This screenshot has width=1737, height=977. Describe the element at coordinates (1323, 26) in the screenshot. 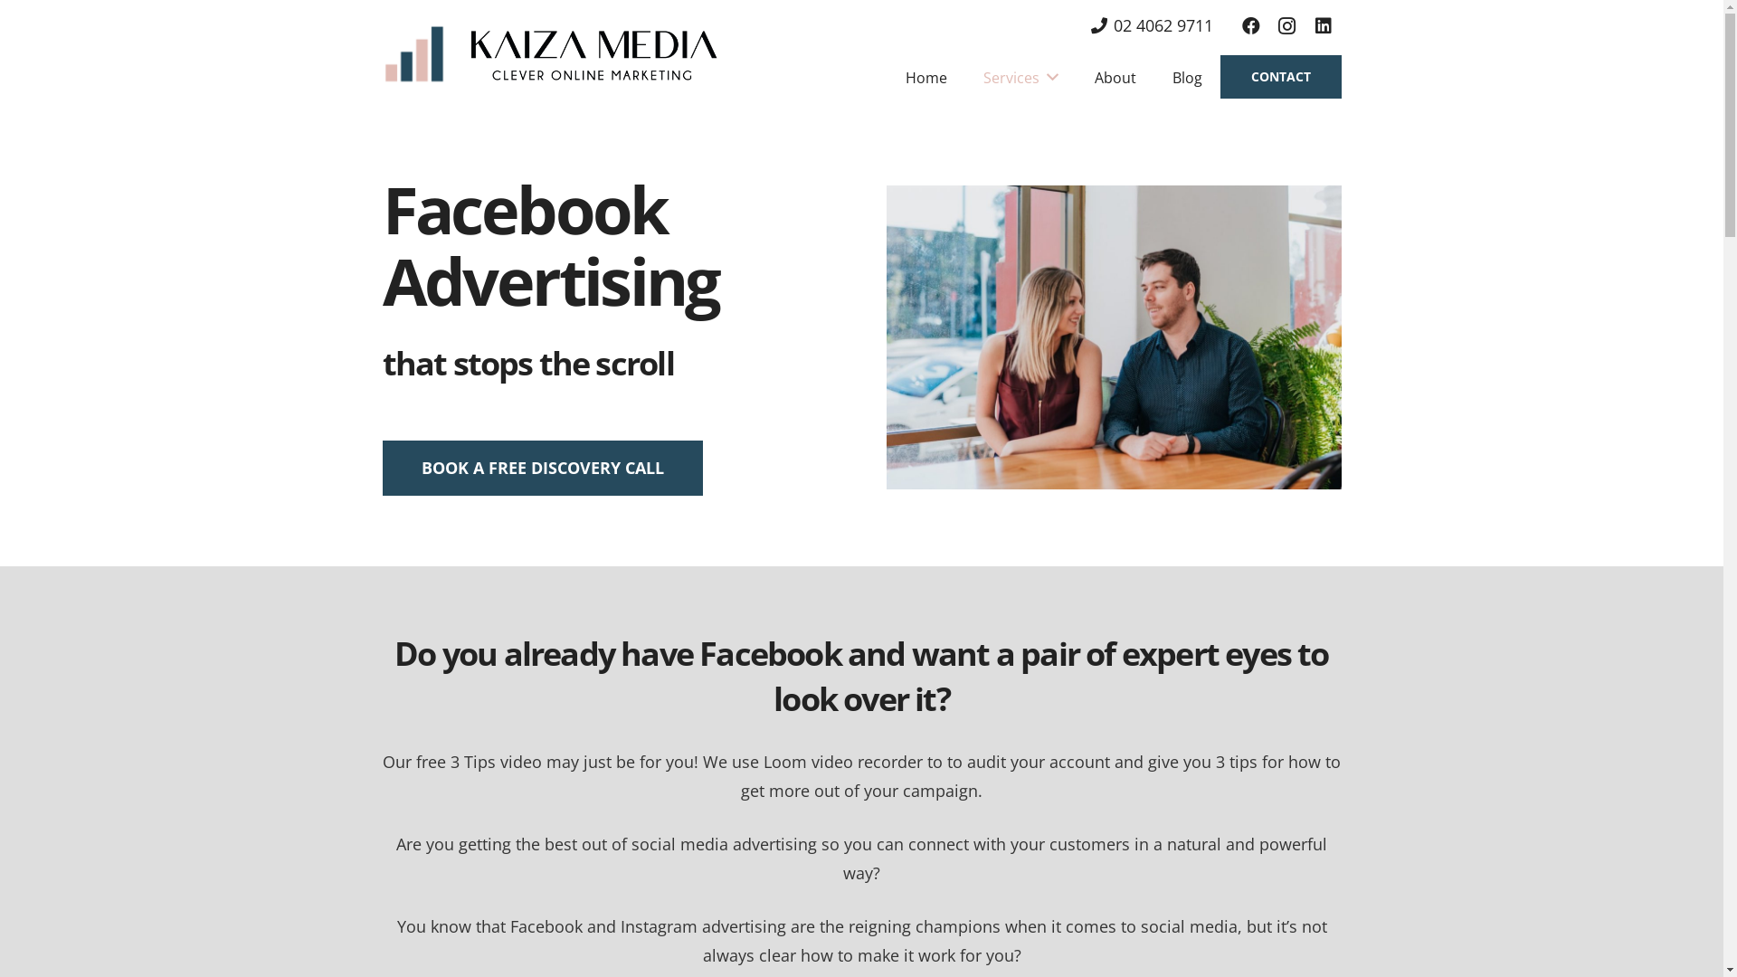

I see `'LinkedIn'` at that location.